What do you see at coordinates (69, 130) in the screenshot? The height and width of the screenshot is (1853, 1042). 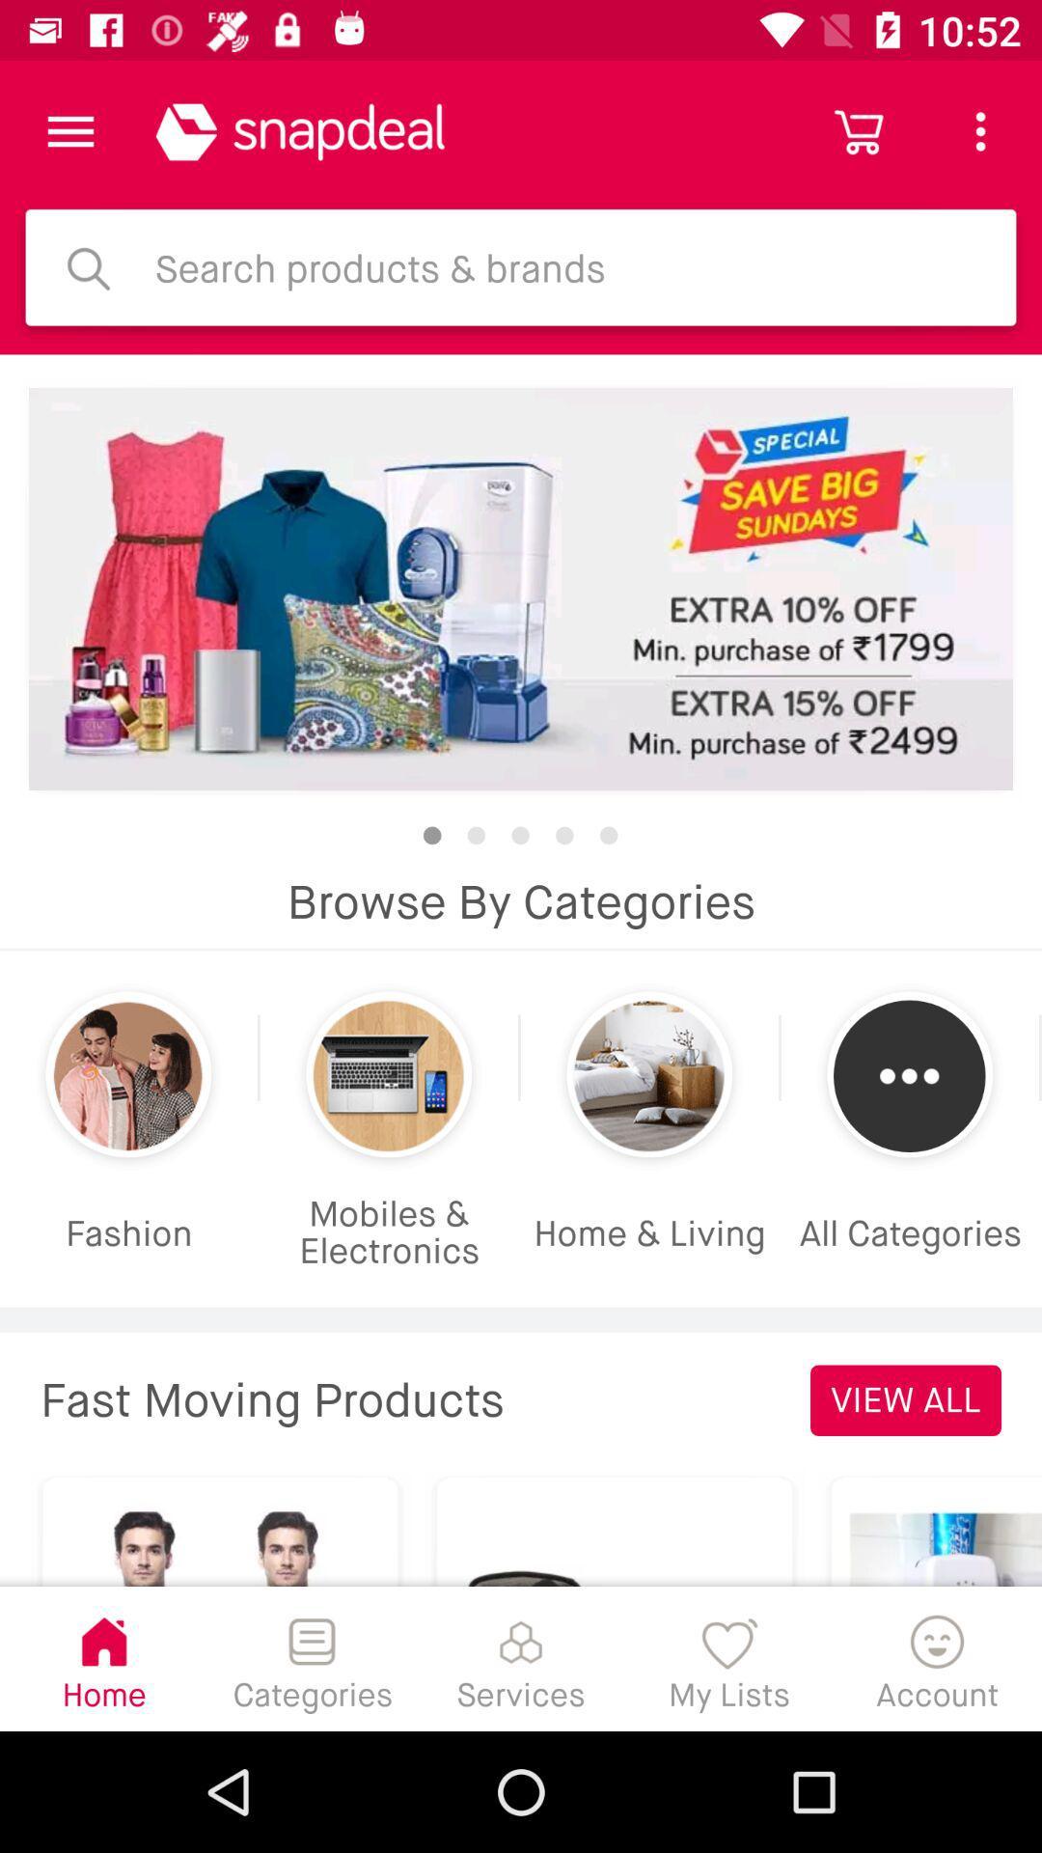 I see `open sidebar menu` at bounding box center [69, 130].